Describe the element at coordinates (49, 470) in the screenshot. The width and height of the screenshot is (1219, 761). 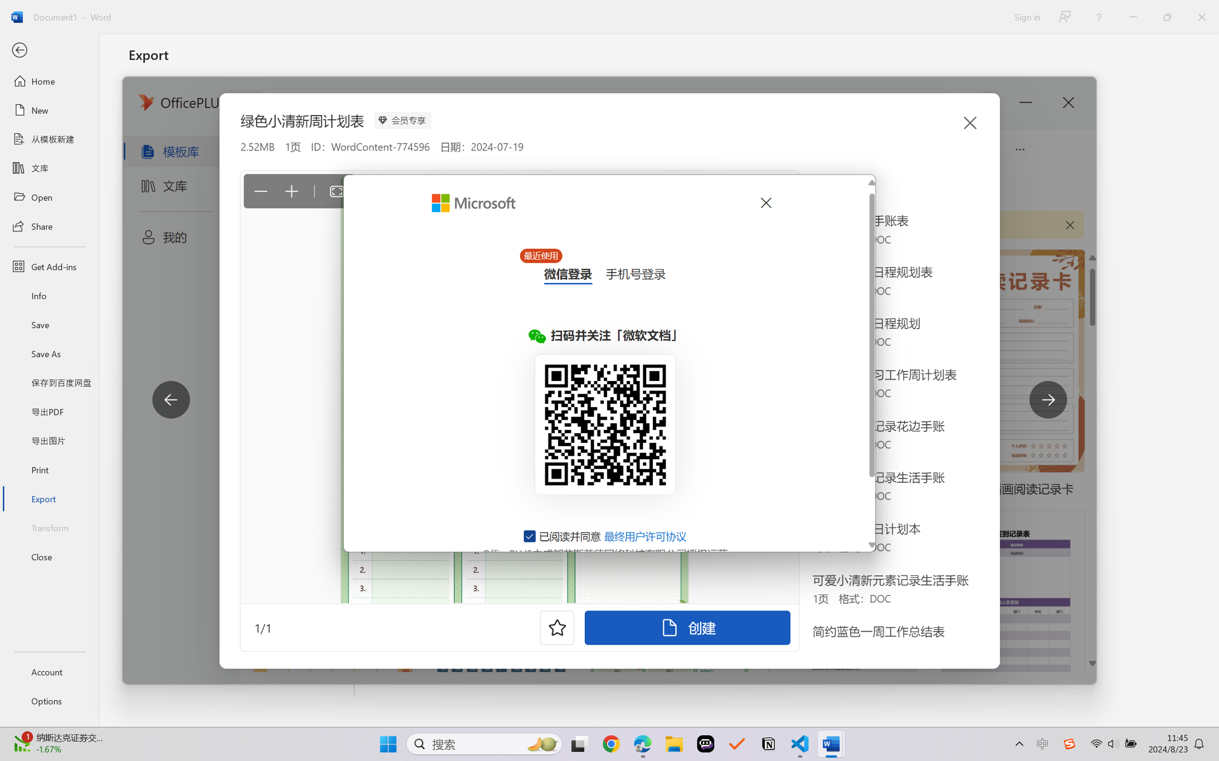
I see `'Print'` at that location.